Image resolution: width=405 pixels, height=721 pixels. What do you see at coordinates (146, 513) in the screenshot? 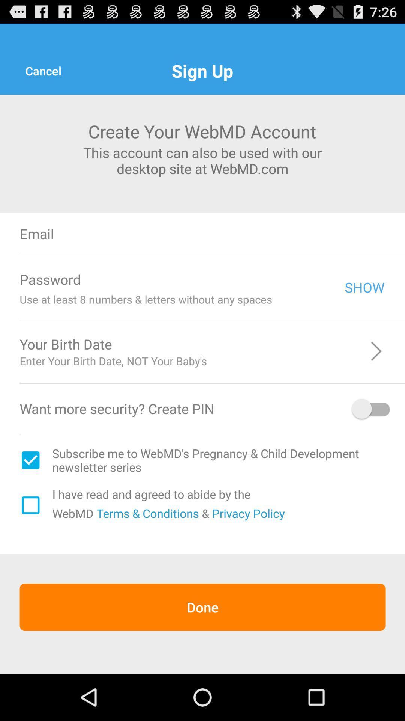
I see `item above the done` at bounding box center [146, 513].